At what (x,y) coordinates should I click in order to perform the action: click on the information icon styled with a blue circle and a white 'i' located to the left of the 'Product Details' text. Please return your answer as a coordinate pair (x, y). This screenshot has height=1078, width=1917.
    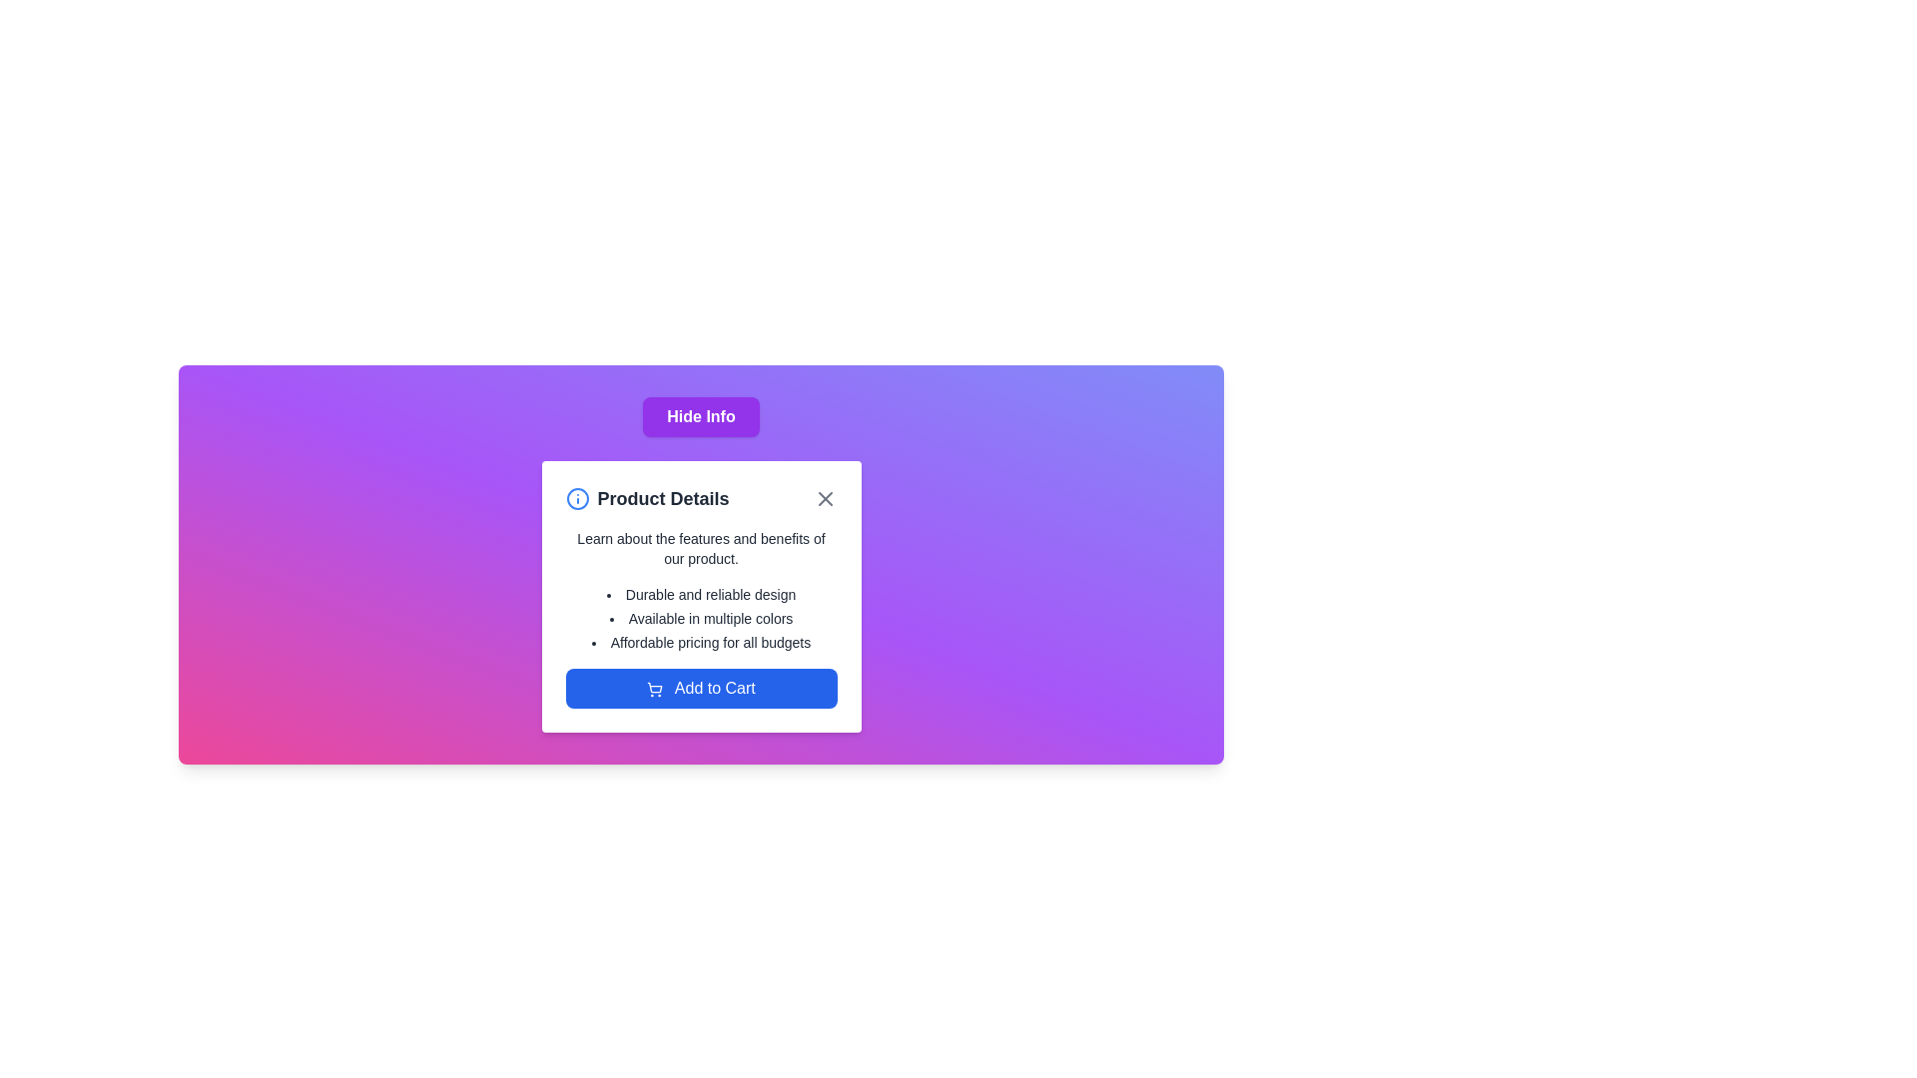
    Looking at the image, I should click on (576, 498).